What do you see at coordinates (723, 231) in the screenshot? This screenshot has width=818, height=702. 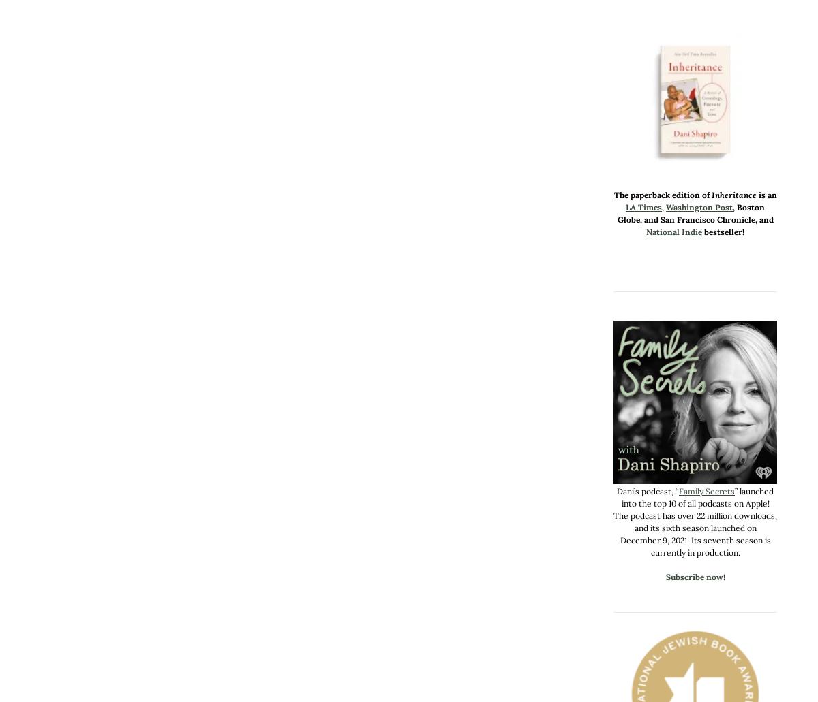 I see `'bestseller!'` at bounding box center [723, 231].